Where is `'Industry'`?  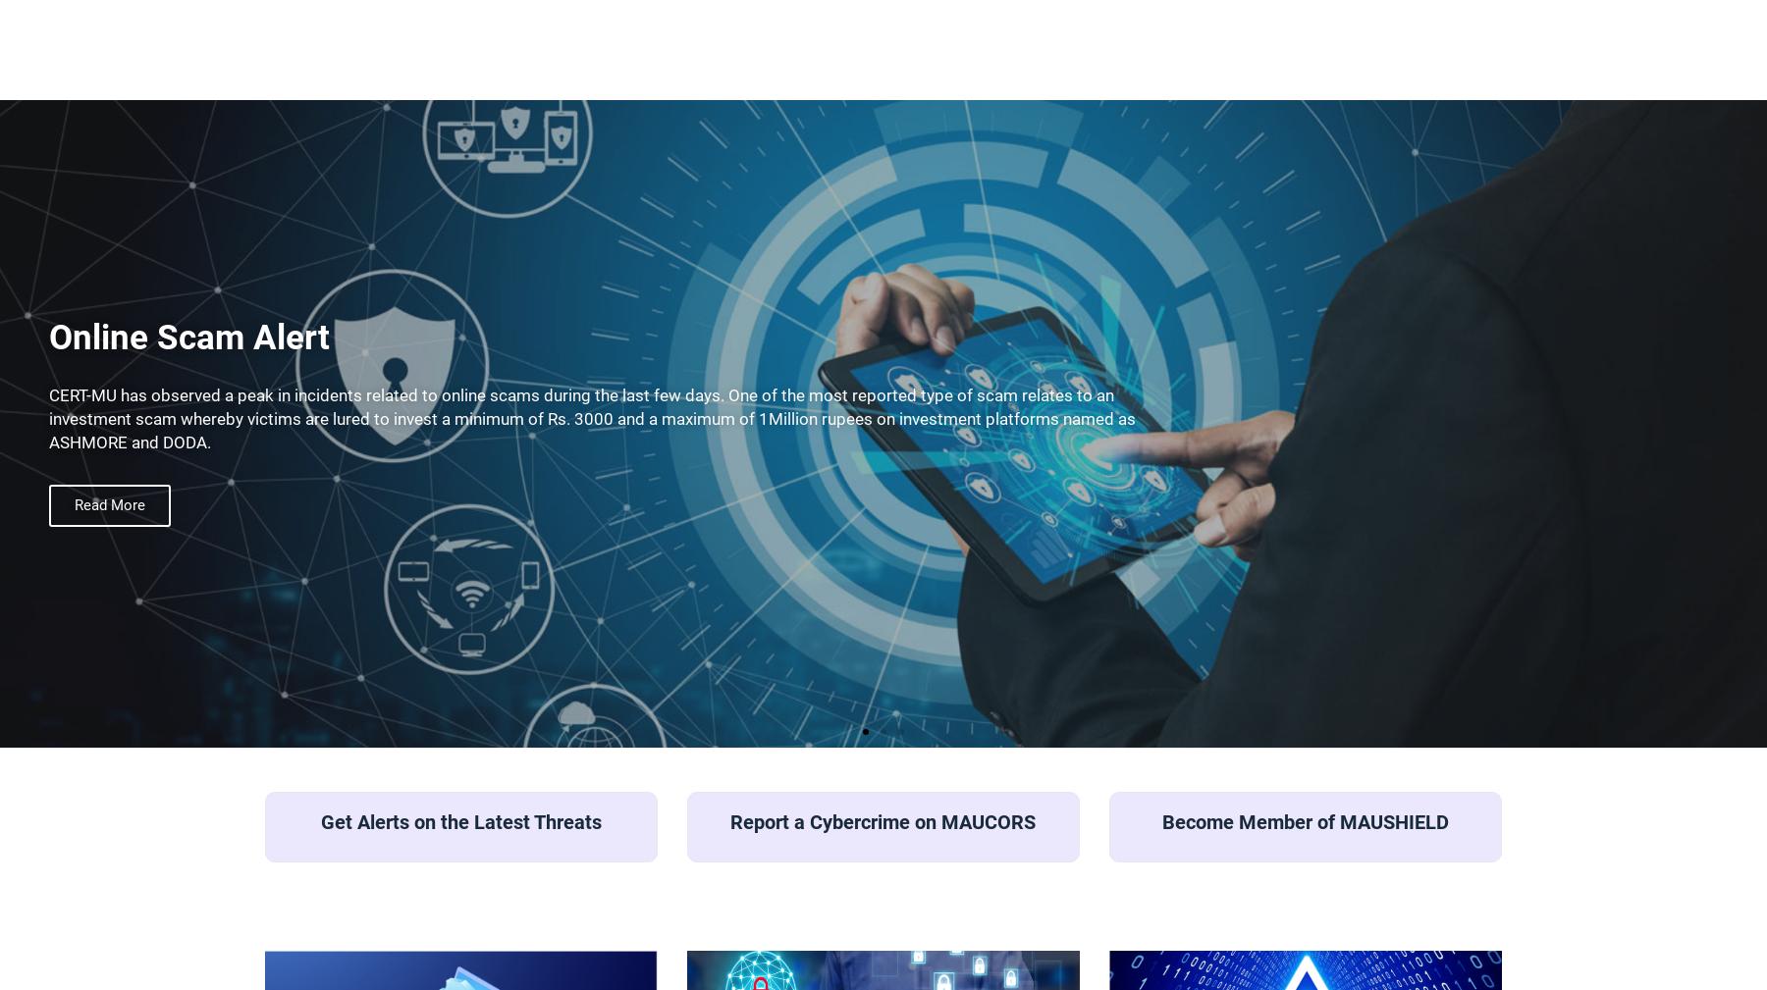 'Industry' is located at coordinates (469, 482).